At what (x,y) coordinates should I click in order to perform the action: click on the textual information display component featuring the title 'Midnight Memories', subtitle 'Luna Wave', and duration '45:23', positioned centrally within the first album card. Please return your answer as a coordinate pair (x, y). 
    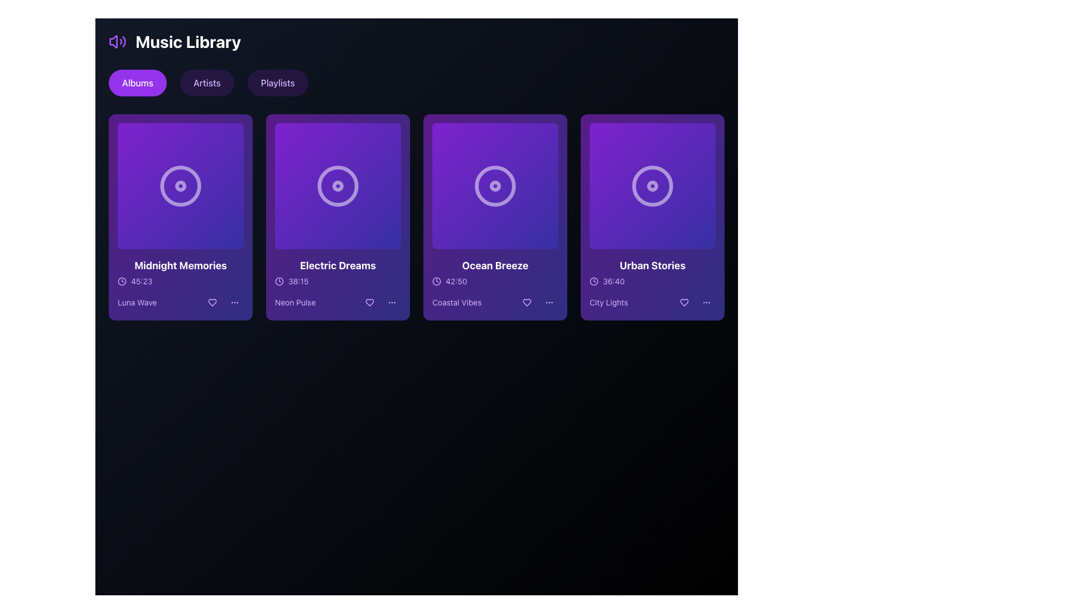
    Looking at the image, I should click on (181, 284).